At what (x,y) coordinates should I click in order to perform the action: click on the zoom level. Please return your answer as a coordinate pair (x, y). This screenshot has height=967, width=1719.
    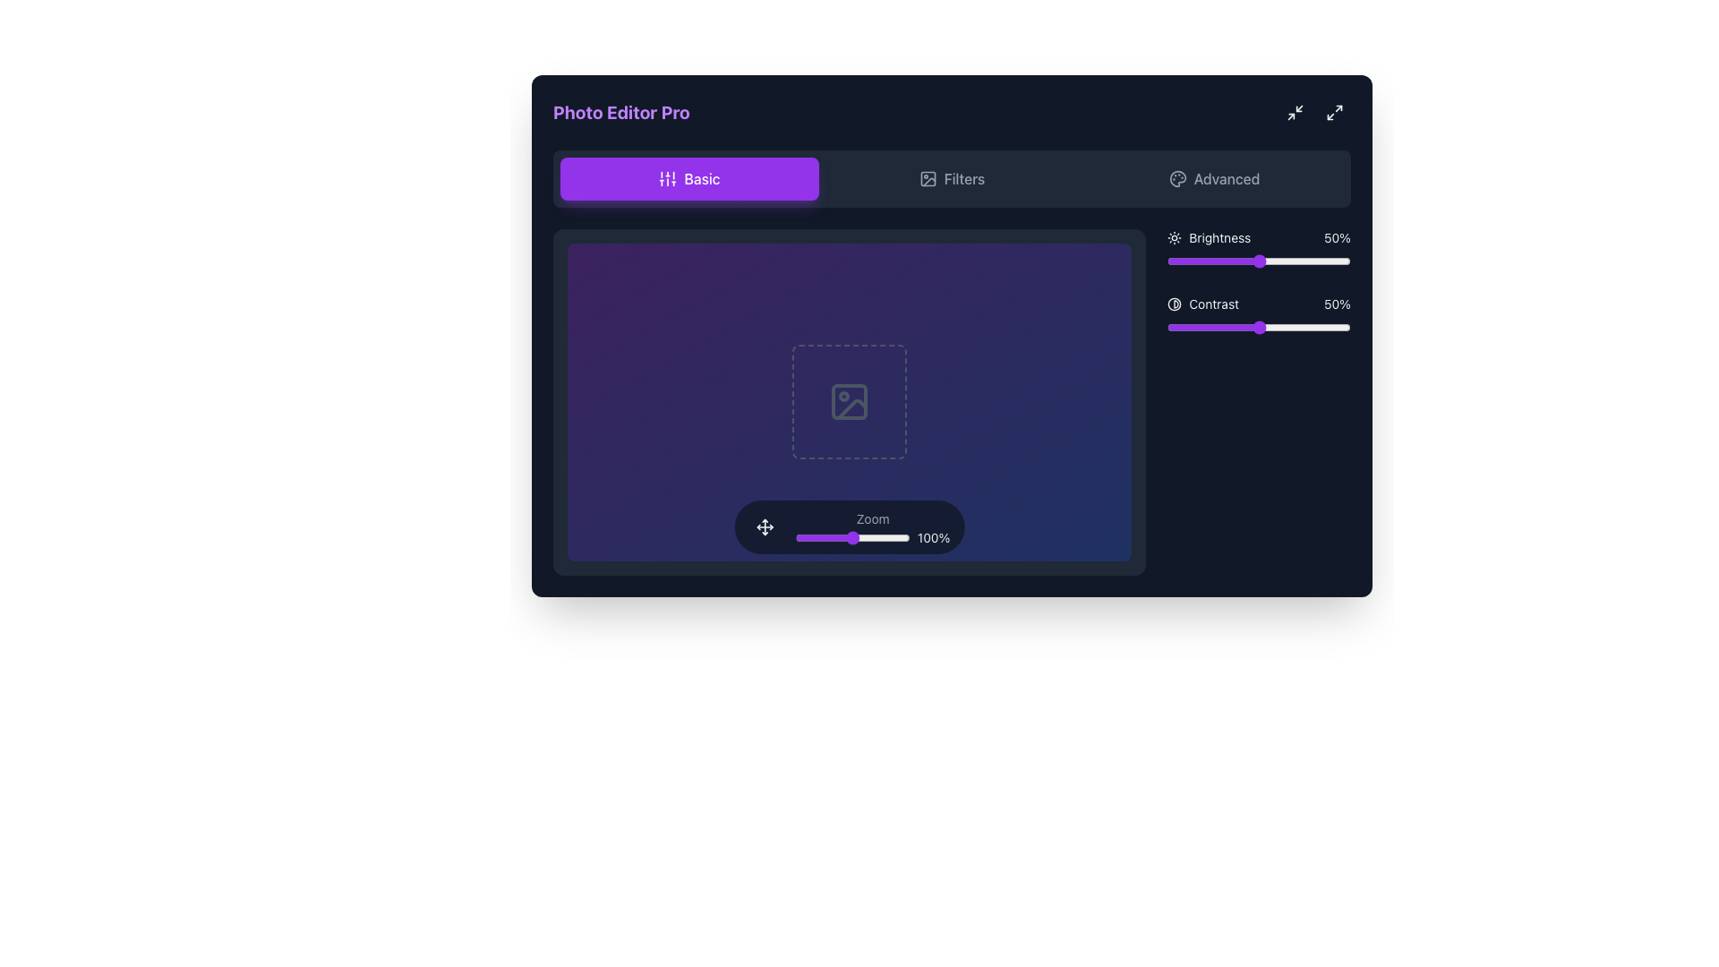
    Looking at the image, I should click on (893, 536).